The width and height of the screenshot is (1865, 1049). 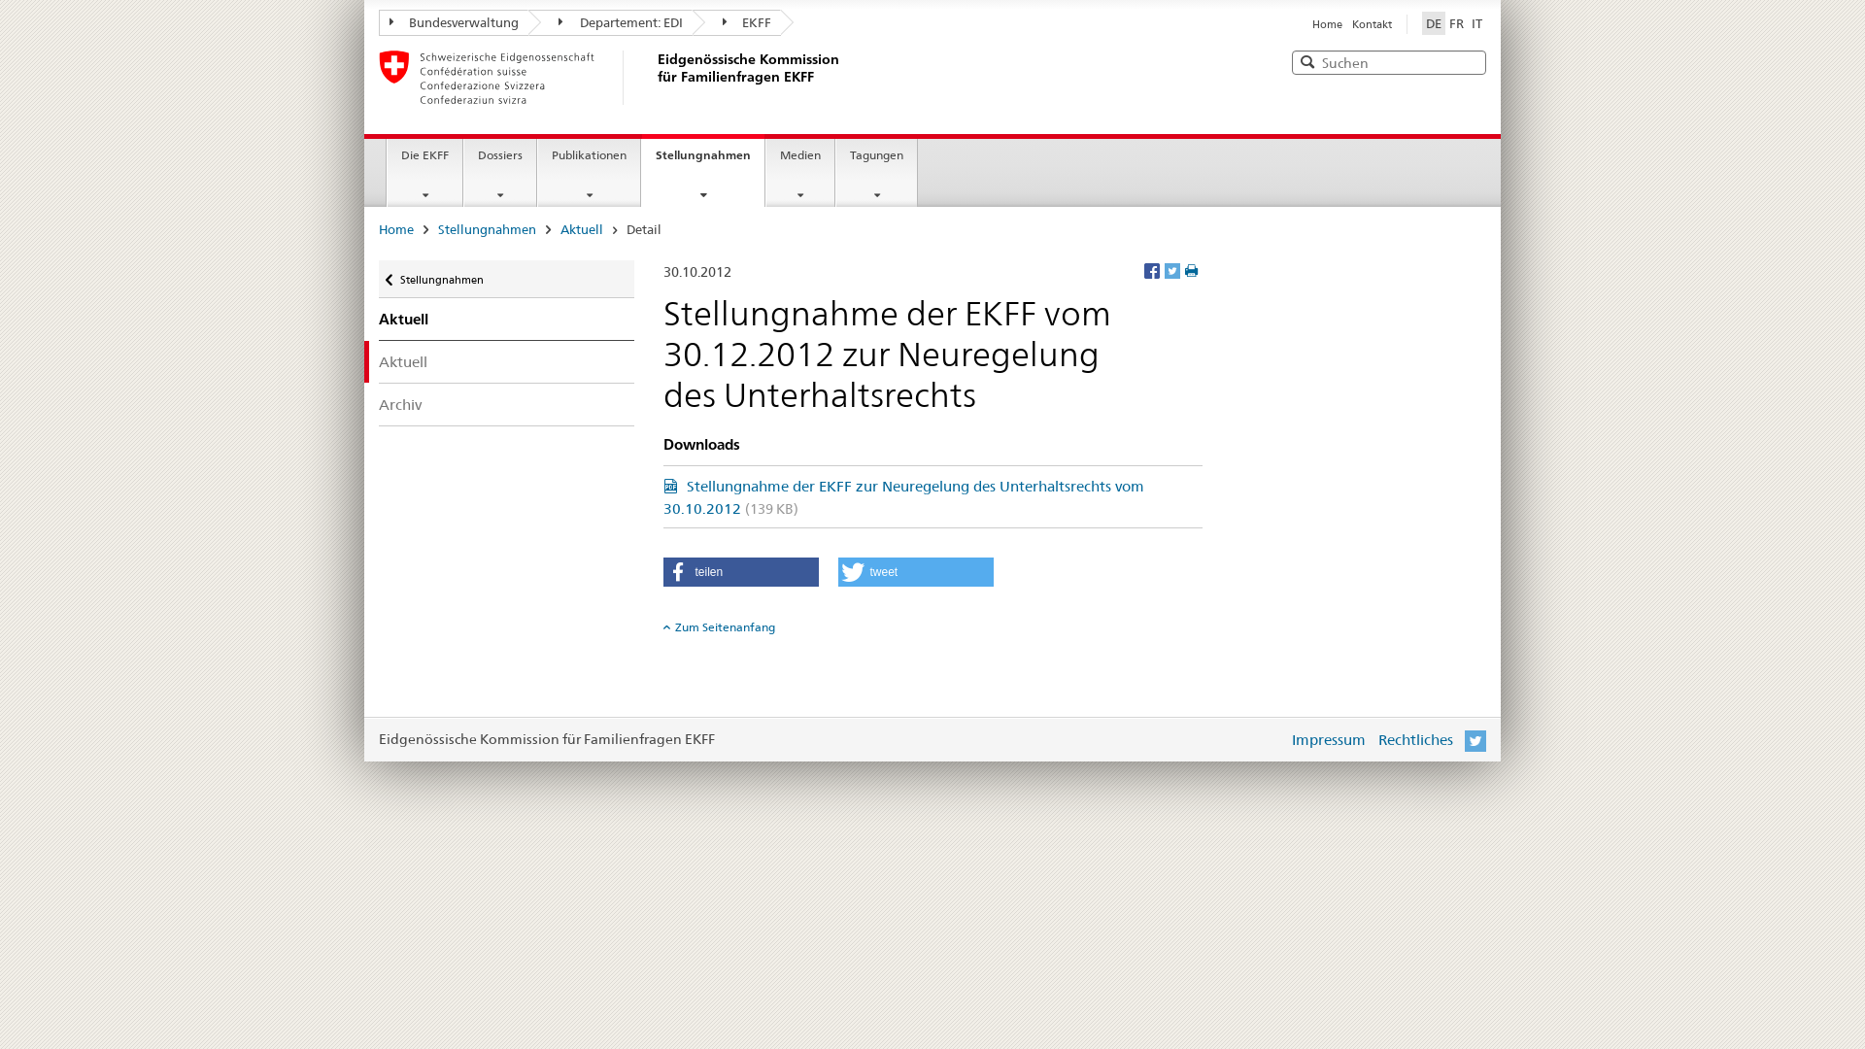 What do you see at coordinates (1351, 23) in the screenshot?
I see `'Kontakt'` at bounding box center [1351, 23].